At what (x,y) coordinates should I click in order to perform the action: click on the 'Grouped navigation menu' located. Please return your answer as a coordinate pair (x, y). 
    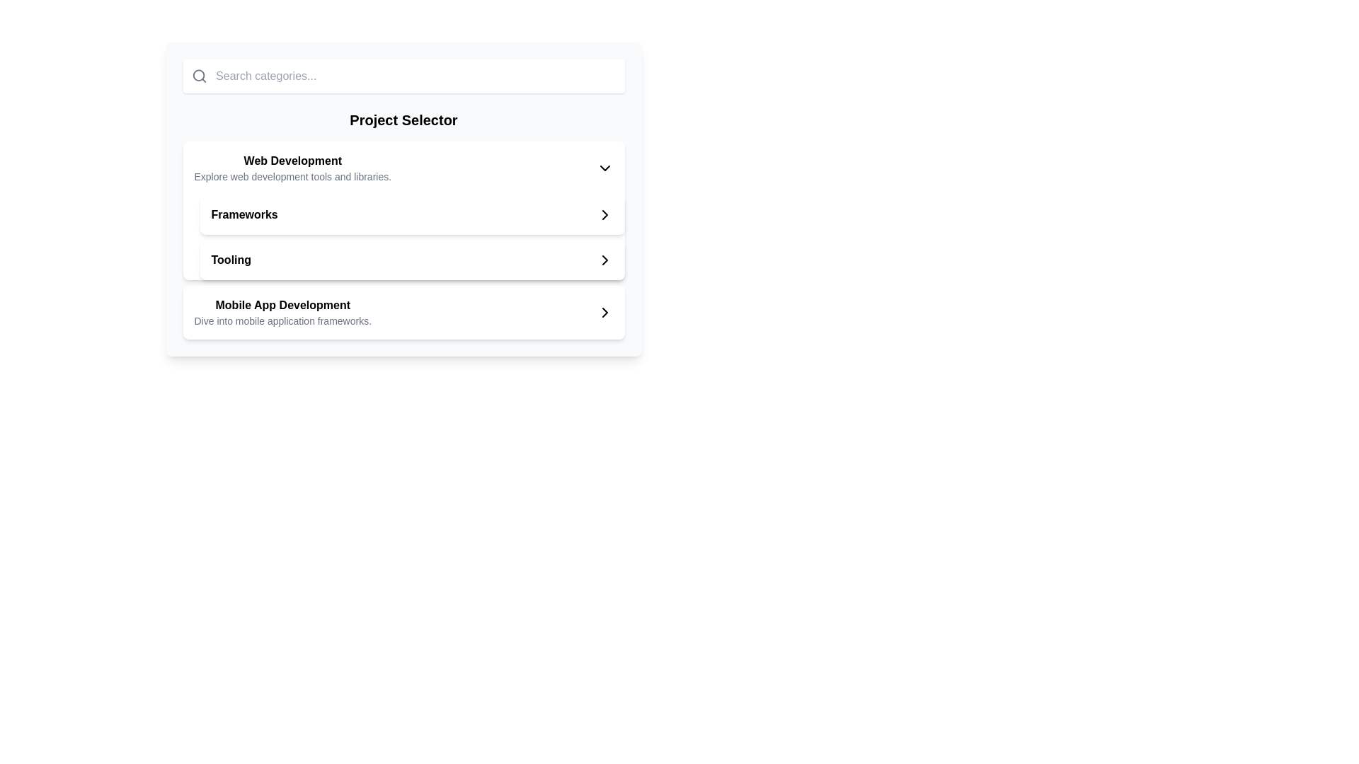
    Looking at the image, I should click on (411, 236).